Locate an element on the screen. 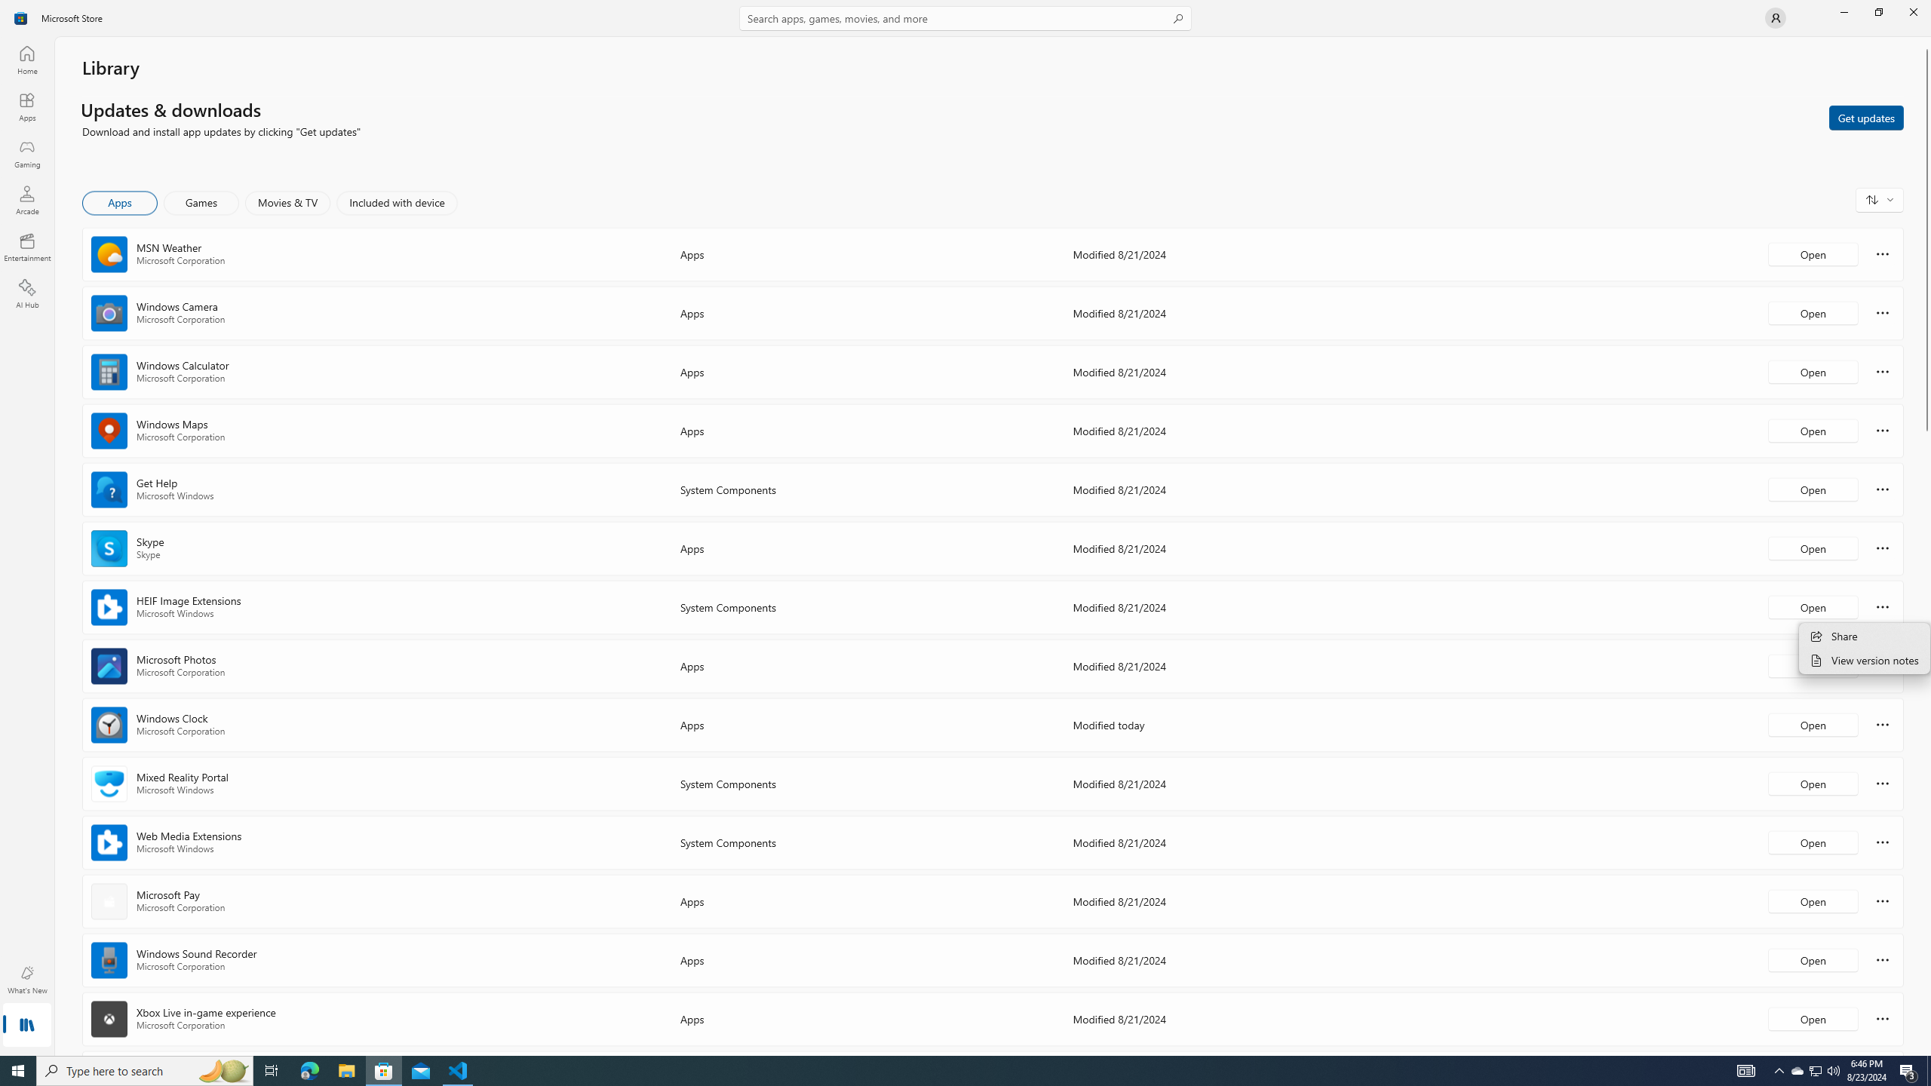  'Vertical Small Decrease' is located at coordinates (1925, 41).